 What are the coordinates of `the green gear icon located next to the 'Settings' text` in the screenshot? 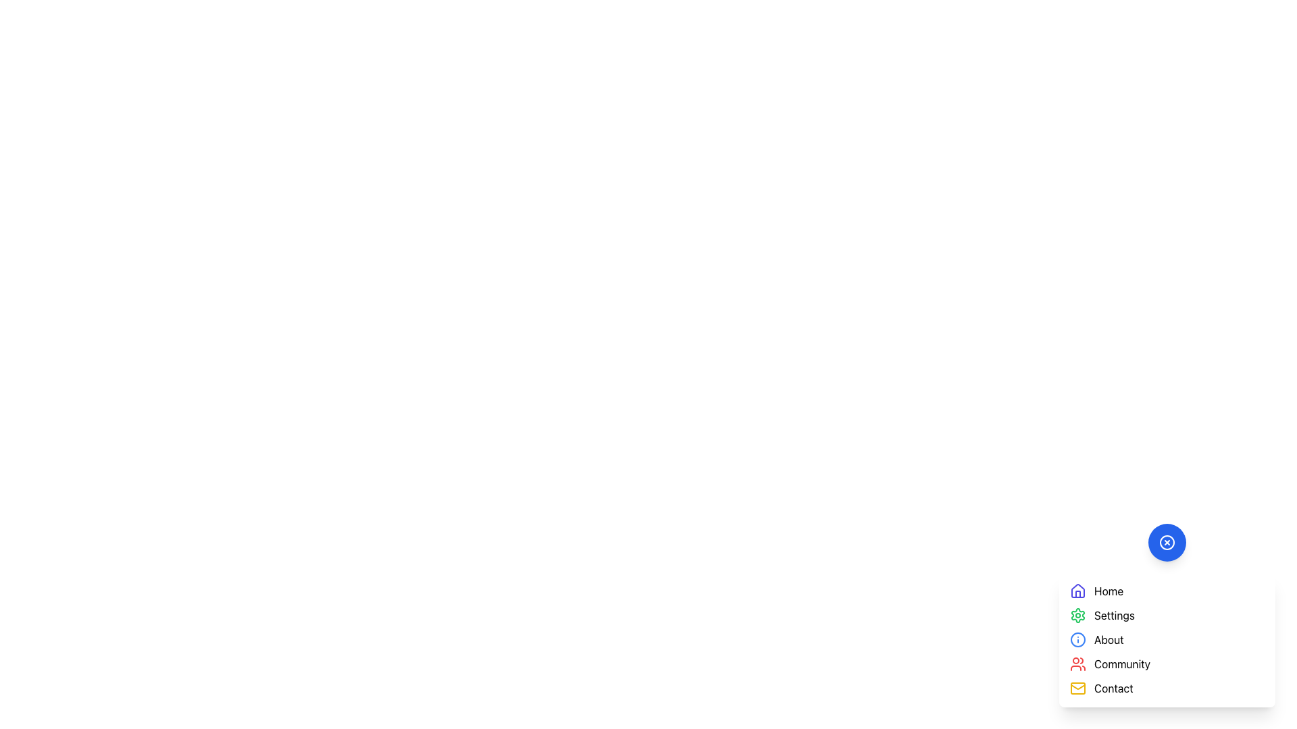 It's located at (1077, 615).